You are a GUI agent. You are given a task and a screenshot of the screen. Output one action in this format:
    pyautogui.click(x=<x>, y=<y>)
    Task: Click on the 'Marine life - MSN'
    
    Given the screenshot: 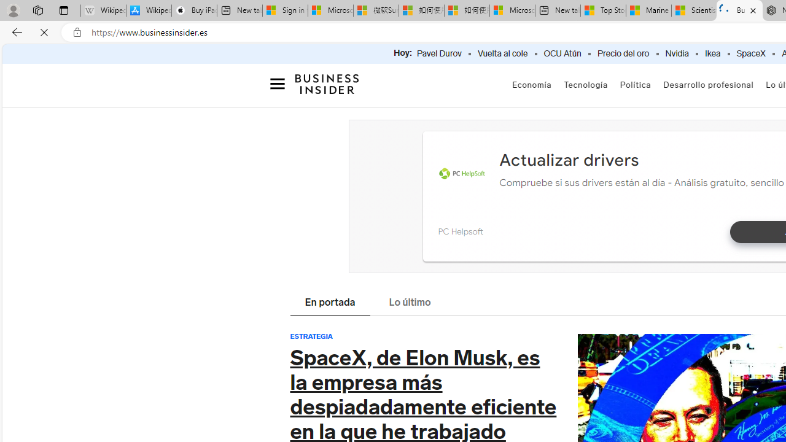 What is the action you would take?
    pyautogui.click(x=648, y=10)
    